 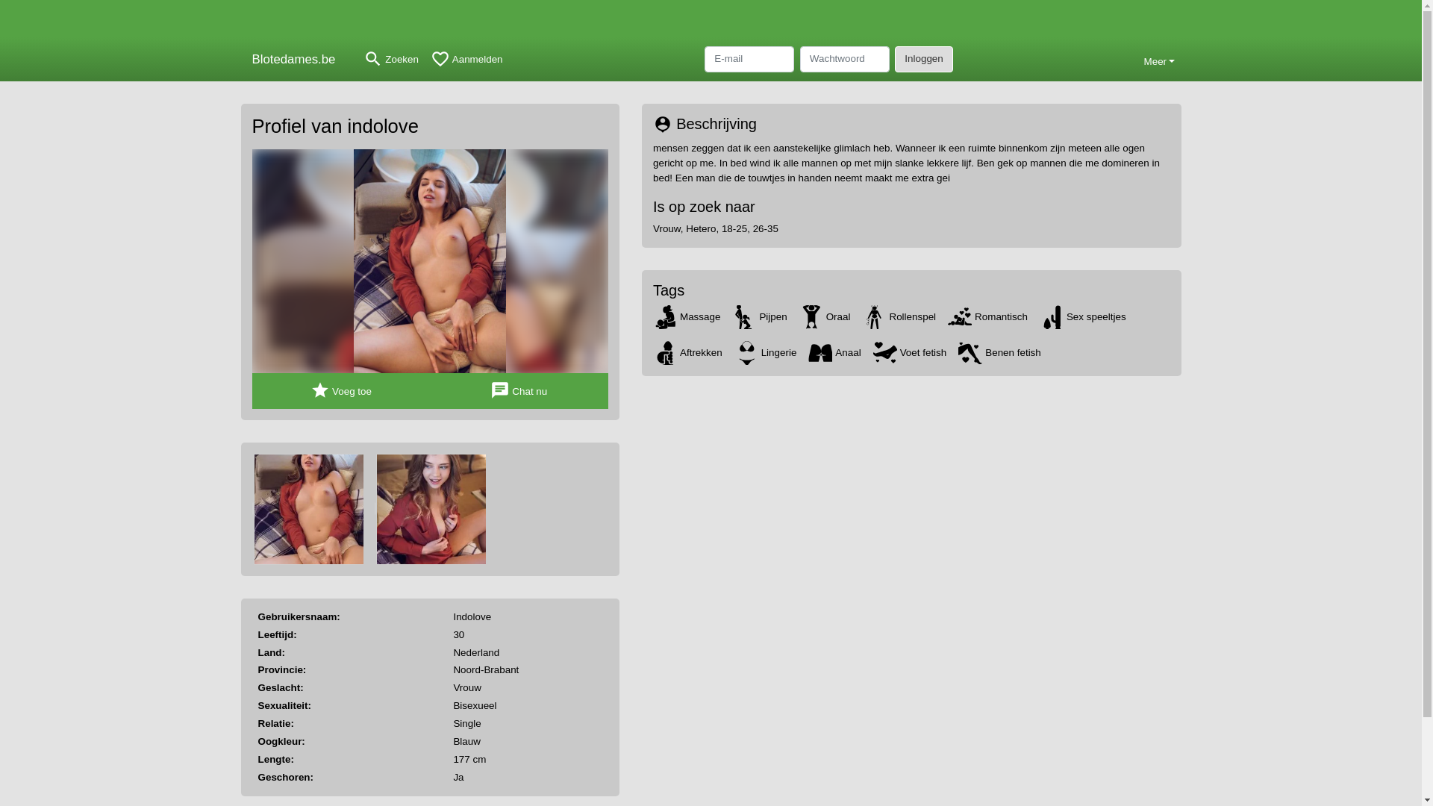 I want to click on 'chat Chat nu', so click(x=519, y=390).